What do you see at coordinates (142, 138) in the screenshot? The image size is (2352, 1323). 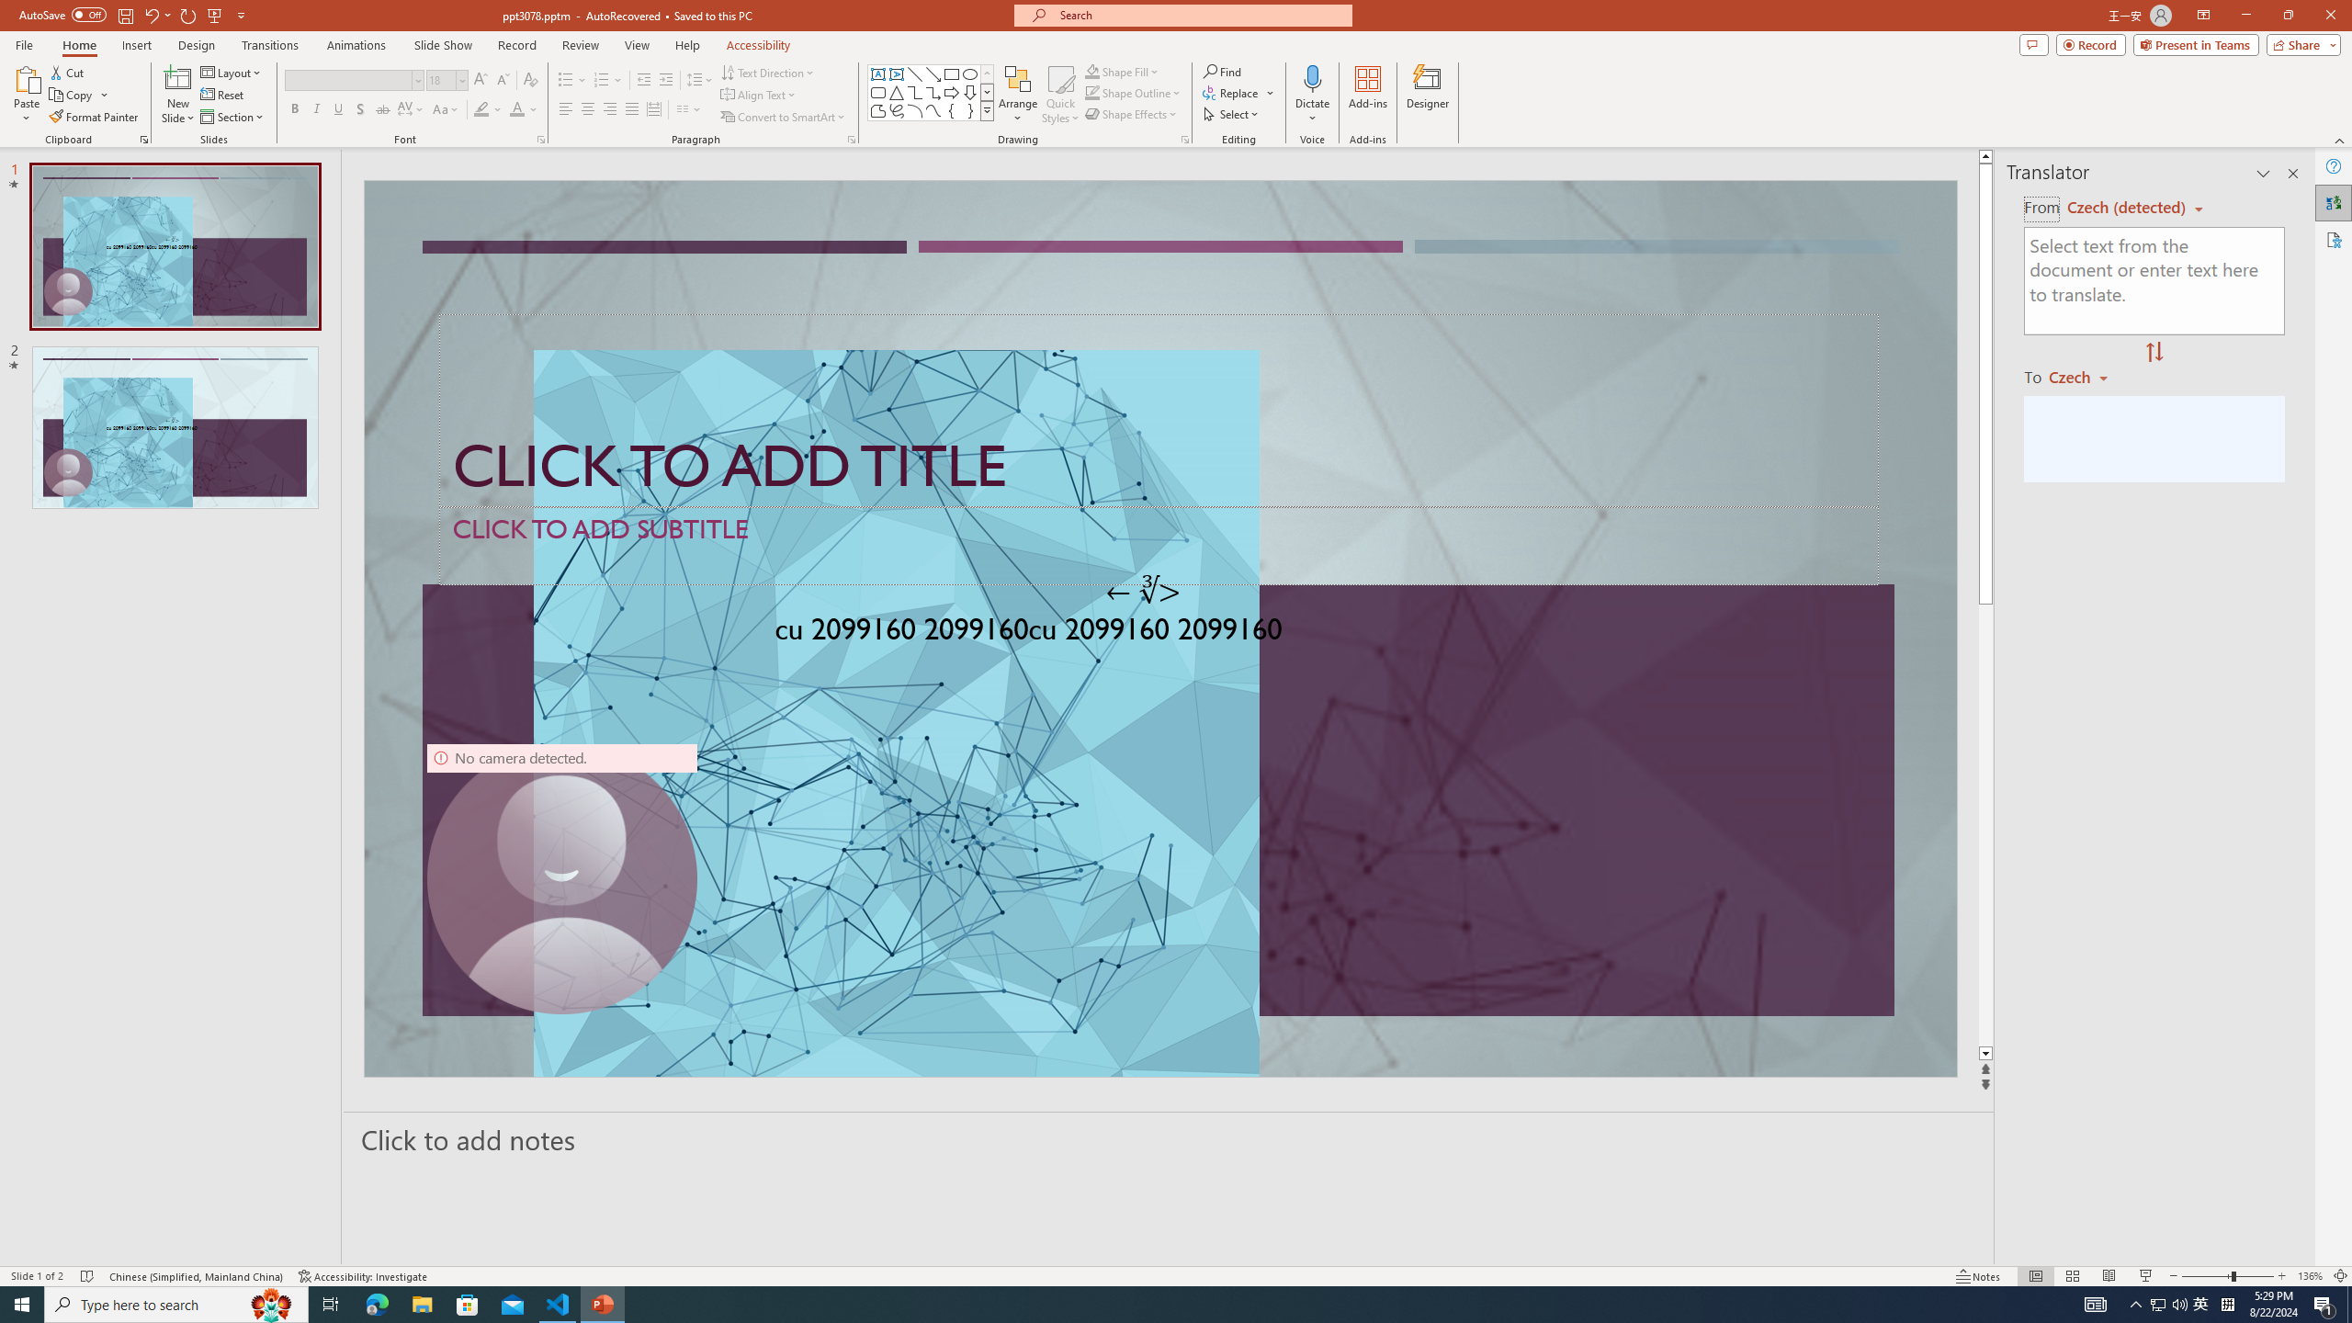 I see `'Office Clipboard...'` at bounding box center [142, 138].